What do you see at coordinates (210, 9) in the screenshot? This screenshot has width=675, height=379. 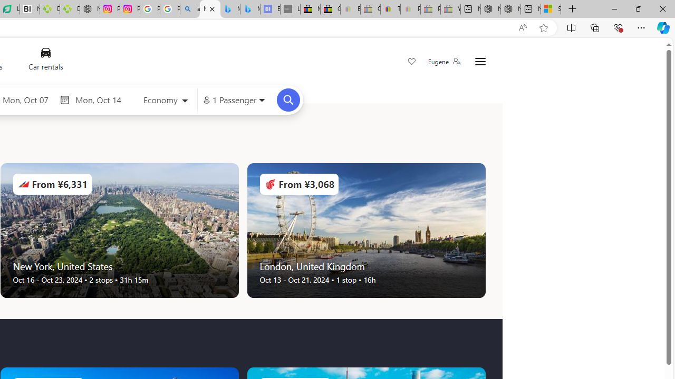 I see `'Microsoft Bing Travel - Flights'` at bounding box center [210, 9].